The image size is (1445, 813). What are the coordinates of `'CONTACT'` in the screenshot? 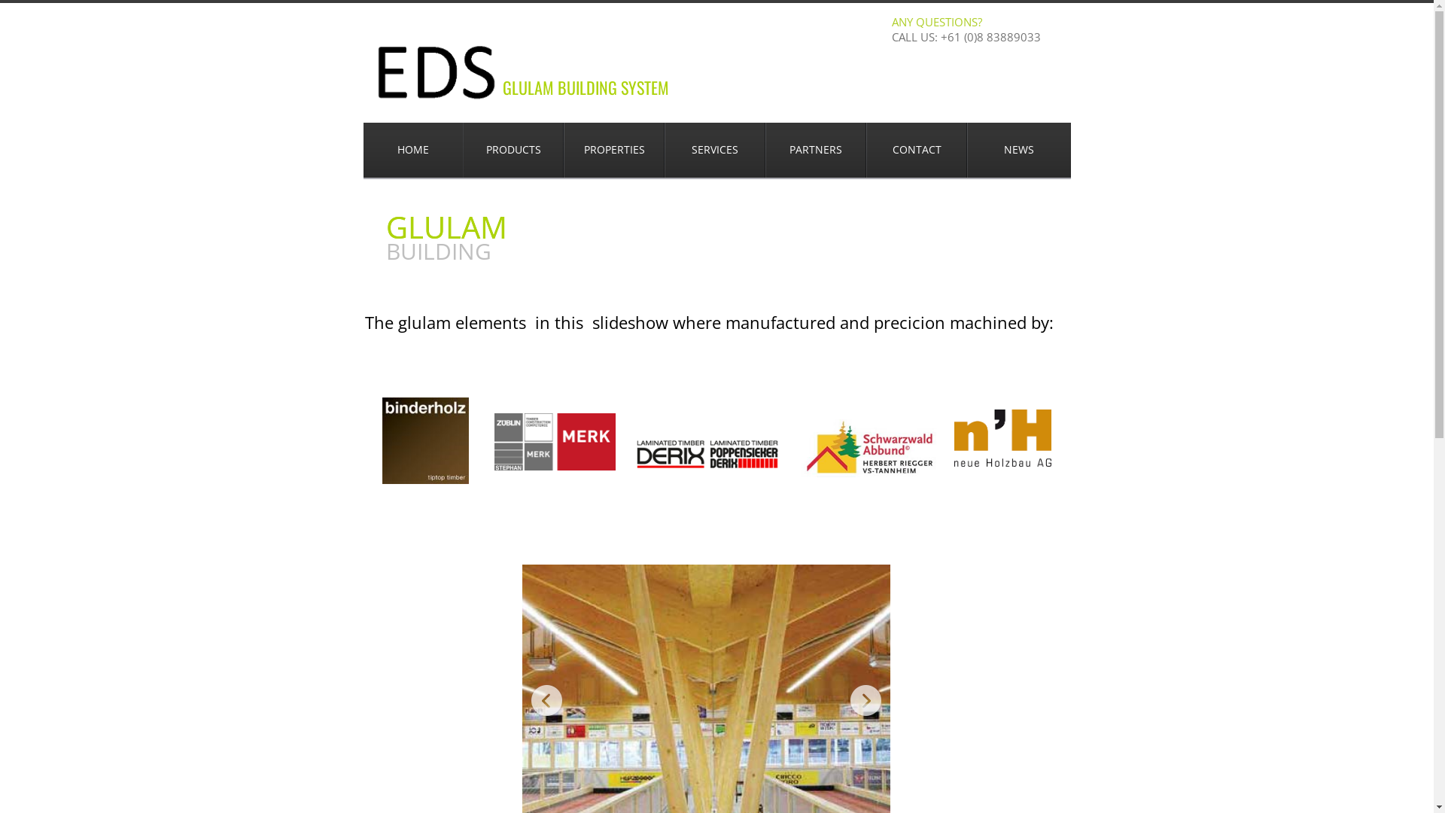 It's located at (867, 150).